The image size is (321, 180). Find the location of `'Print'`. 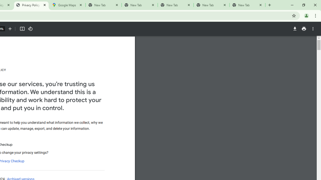

'Print' is located at coordinates (303, 29).